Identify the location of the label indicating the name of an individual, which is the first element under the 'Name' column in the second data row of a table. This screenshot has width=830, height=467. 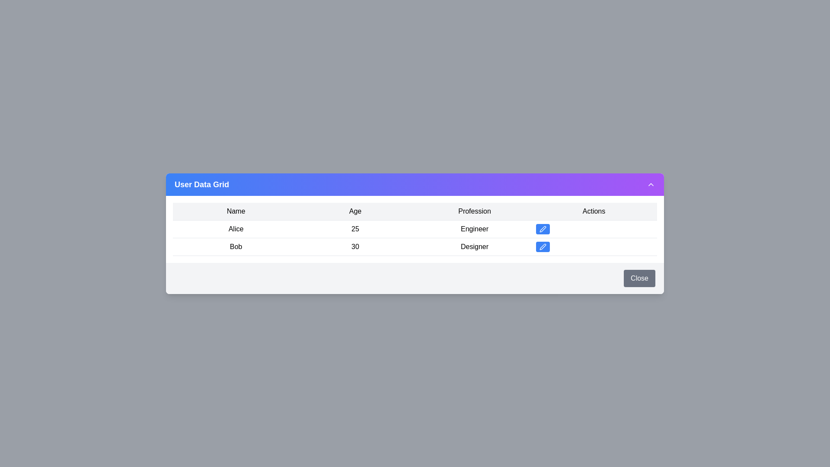
(236, 246).